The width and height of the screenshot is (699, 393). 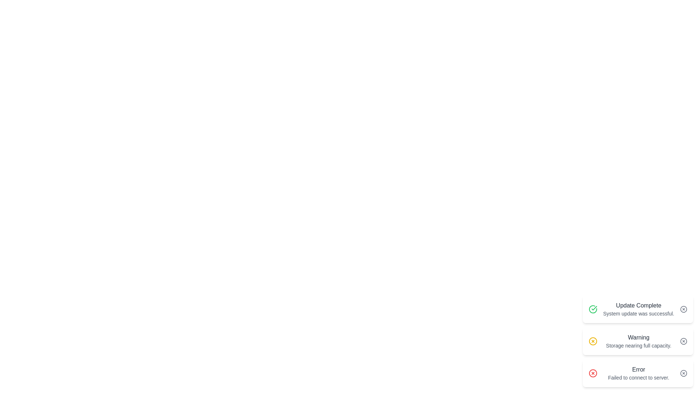 What do you see at coordinates (683, 309) in the screenshot?
I see `the SVG circle element that represents a 'close' or 'cancel' action within the notification card labeled 'Update Complete' in the top-right corner` at bounding box center [683, 309].